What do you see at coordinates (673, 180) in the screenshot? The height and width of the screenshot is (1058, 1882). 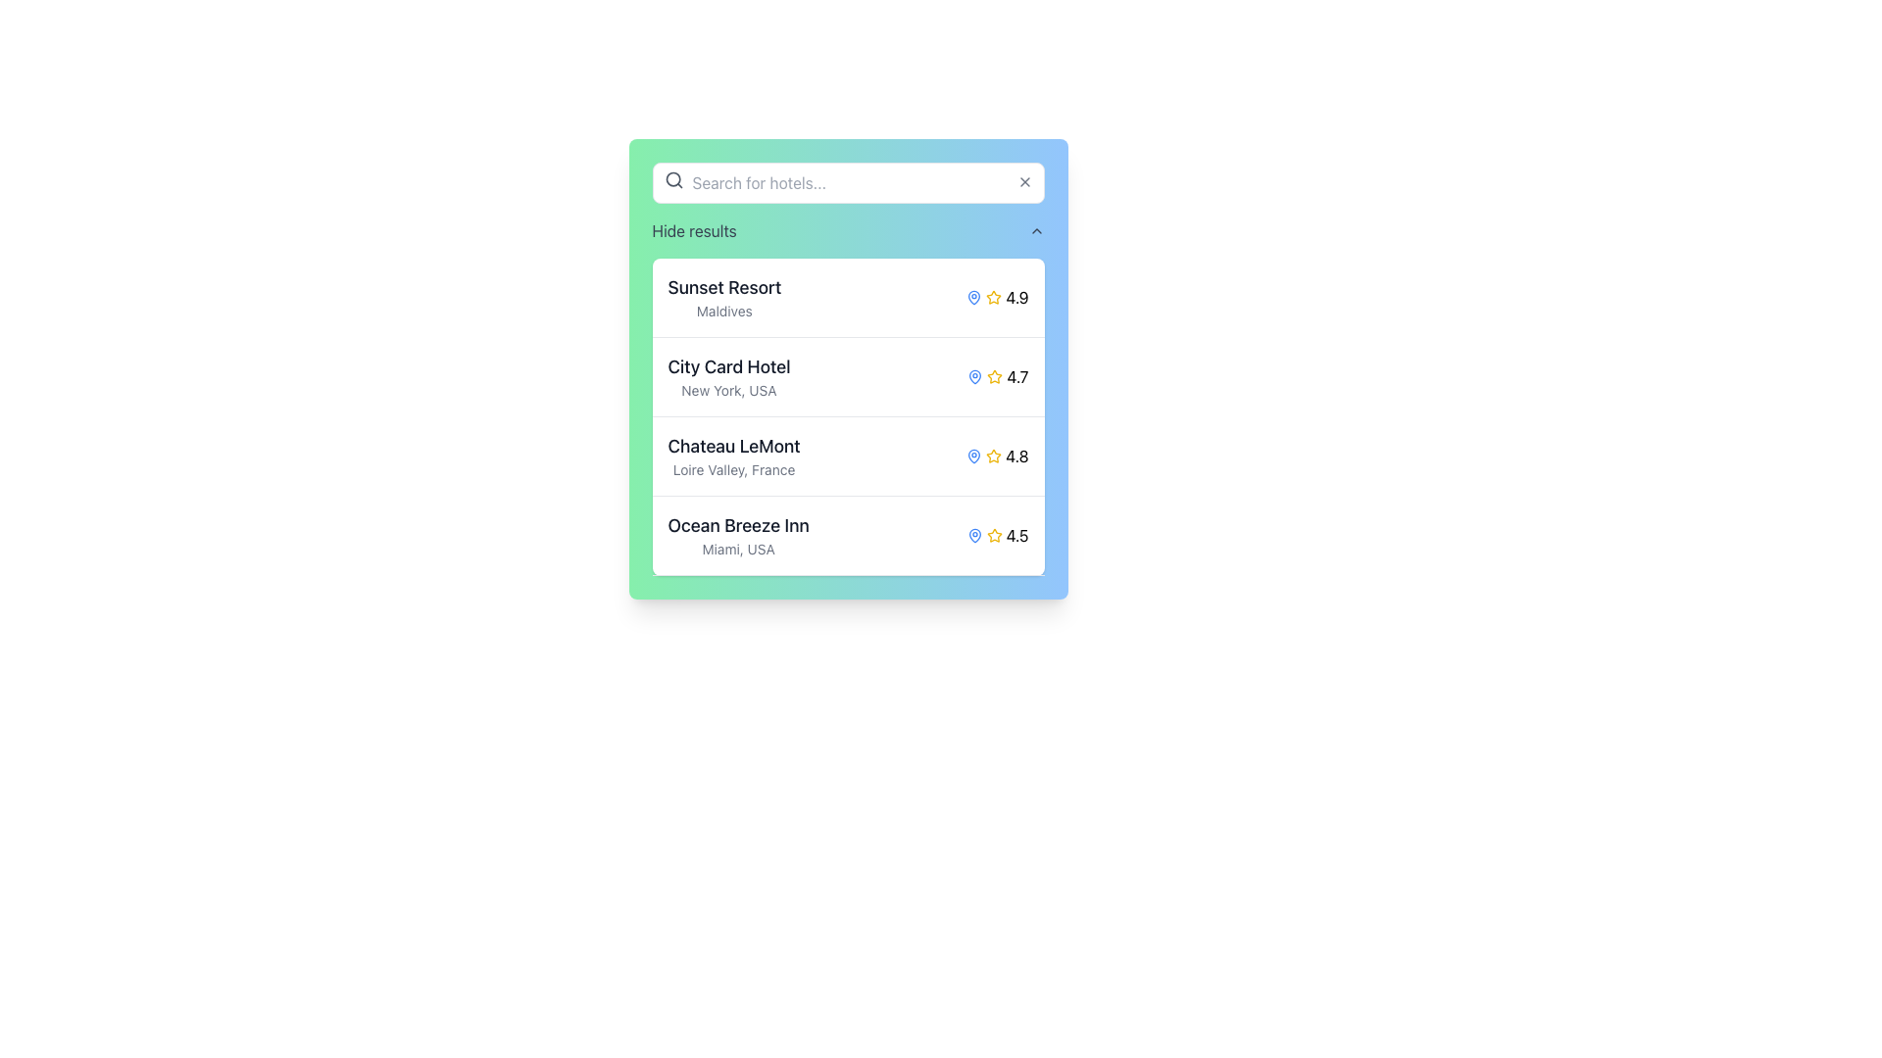 I see `the magnifying glass icon representing the search feature, which is positioned on the left side of the search bar input field` at bounding box center [673, 180].